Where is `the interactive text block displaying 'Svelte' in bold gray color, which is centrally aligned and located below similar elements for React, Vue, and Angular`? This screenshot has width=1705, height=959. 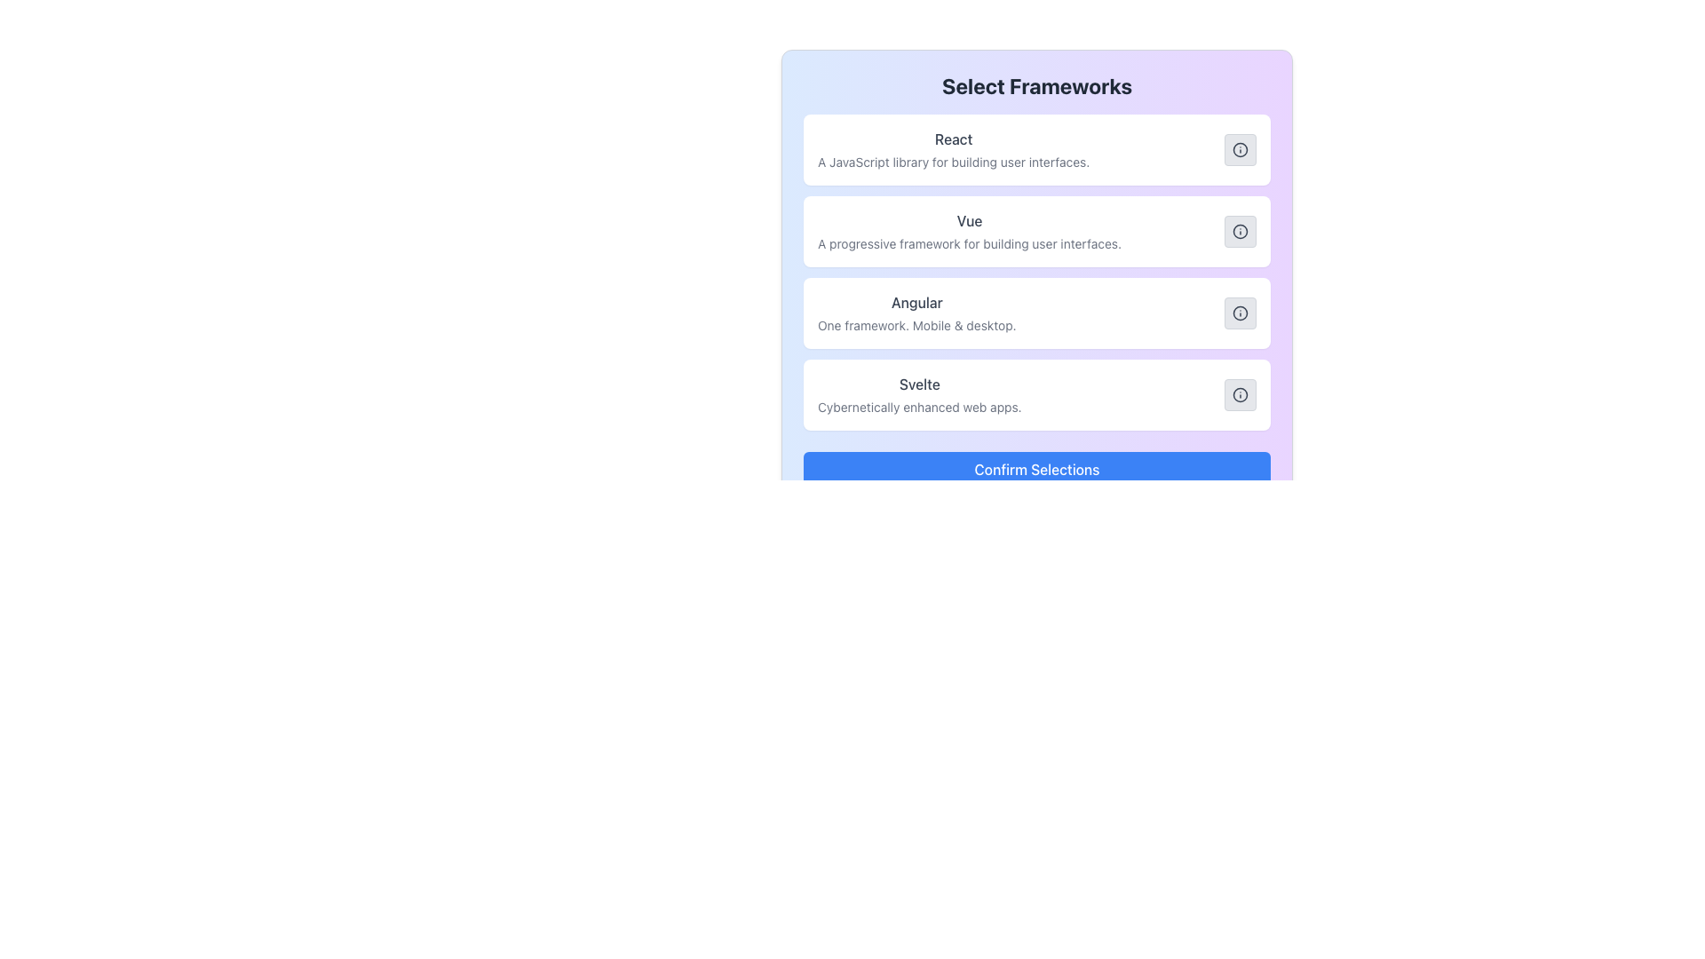
the interactive text block displaying 'Svelte' in bold gray color, which is centrally aligned and located below similar elements for React, Vue, and Angular is located at coordinates (919, 393).